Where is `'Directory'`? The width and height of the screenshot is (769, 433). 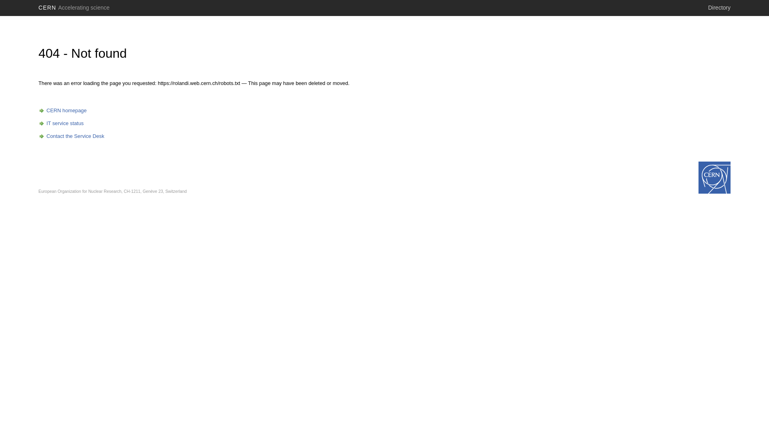
'Directory' is located at coordinates (719, 8).